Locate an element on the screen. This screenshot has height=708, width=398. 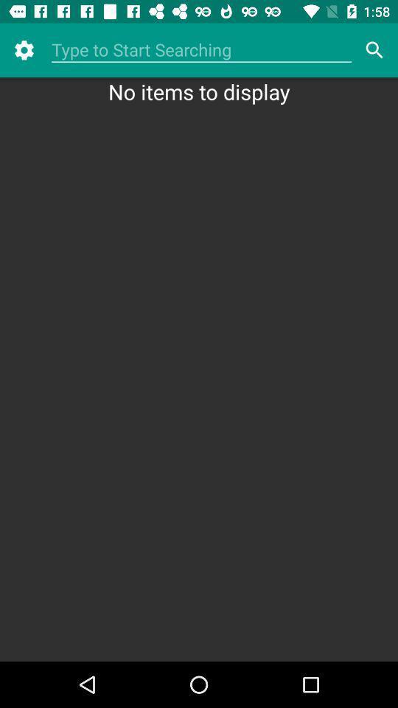
the icon at the top left corner is located at coordinates (23, 50).